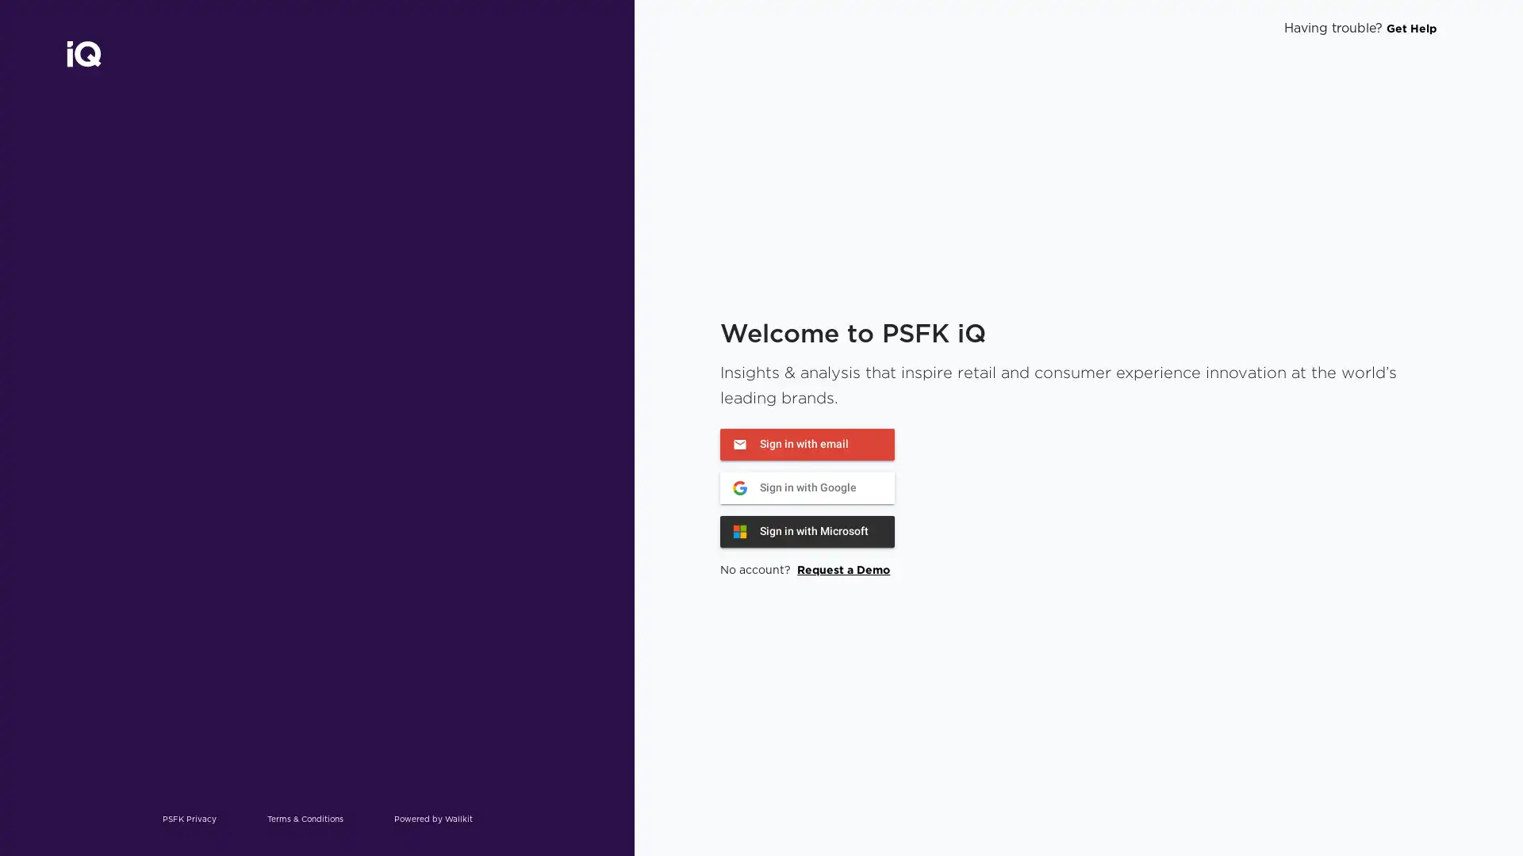 Image resolution: width=1523 pixels, height=856 pixels. What do you see at coordinates (807, 531) in the screenshot?
I see `Sign in with Microsoft` at bounding box center [807, 531].